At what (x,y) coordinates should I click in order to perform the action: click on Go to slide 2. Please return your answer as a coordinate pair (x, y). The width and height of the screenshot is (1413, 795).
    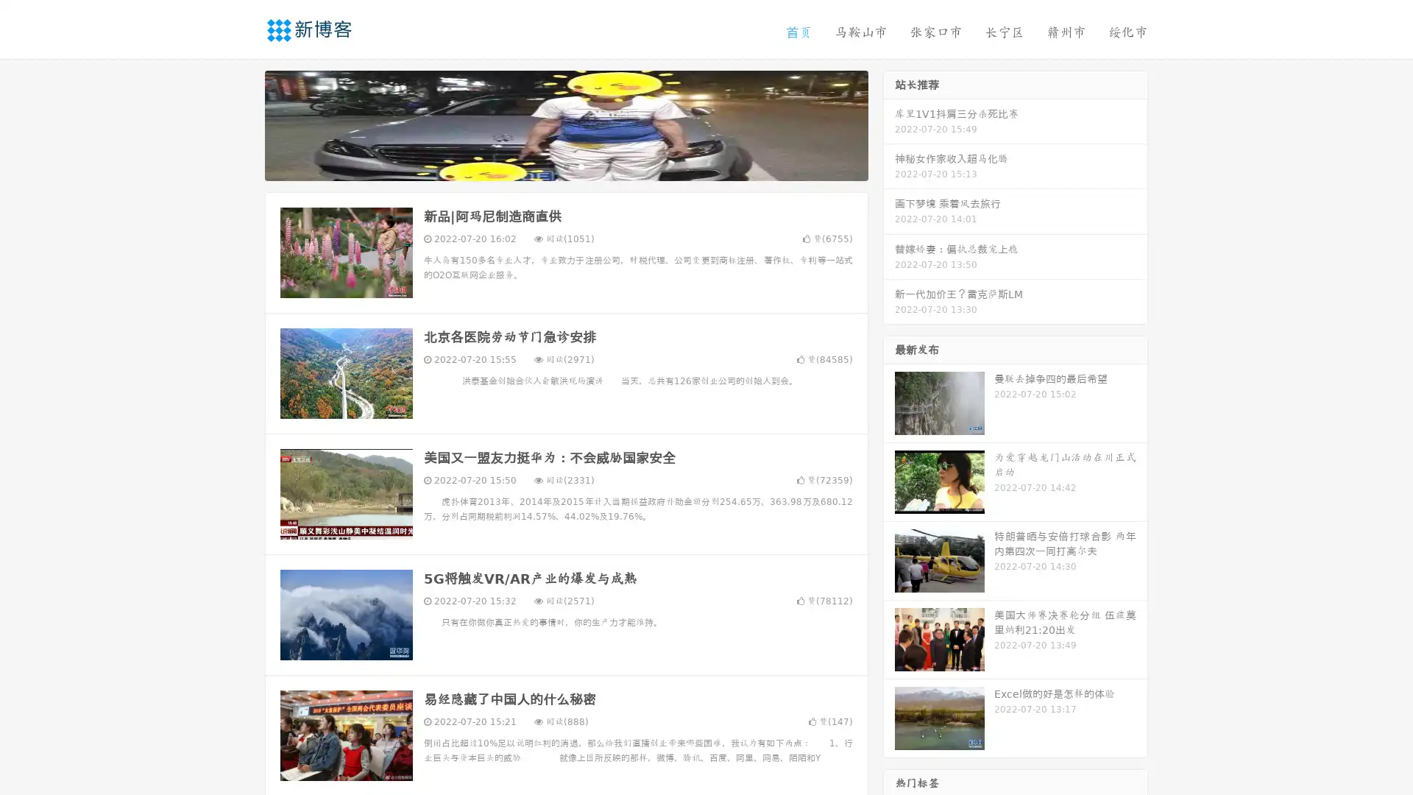
    Looking at the image, I should click on (565, 166).